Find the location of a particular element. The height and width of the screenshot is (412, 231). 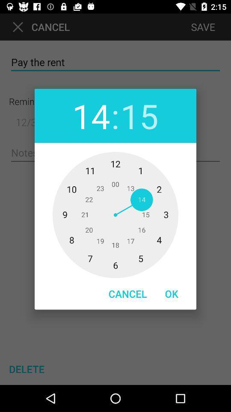

the cancel at the bottom is located at coordinates (127, 294).